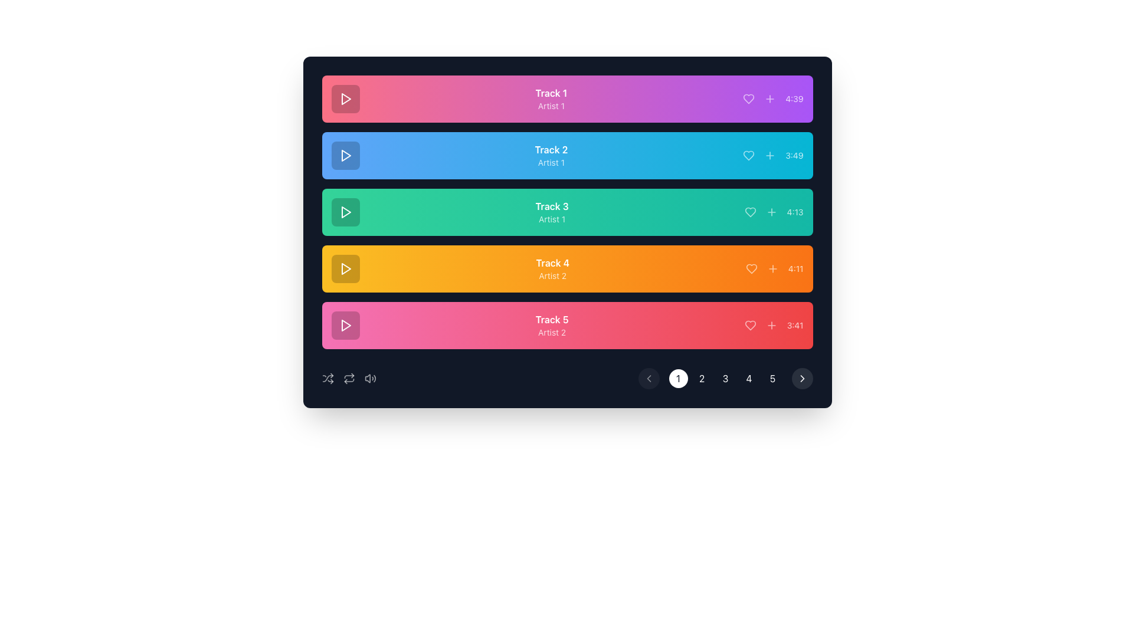  I want to click on the heart-shaped icon on the vibrant purple background, located to the right of 'Track 1' and left of the '+' button, so click(748, 98).